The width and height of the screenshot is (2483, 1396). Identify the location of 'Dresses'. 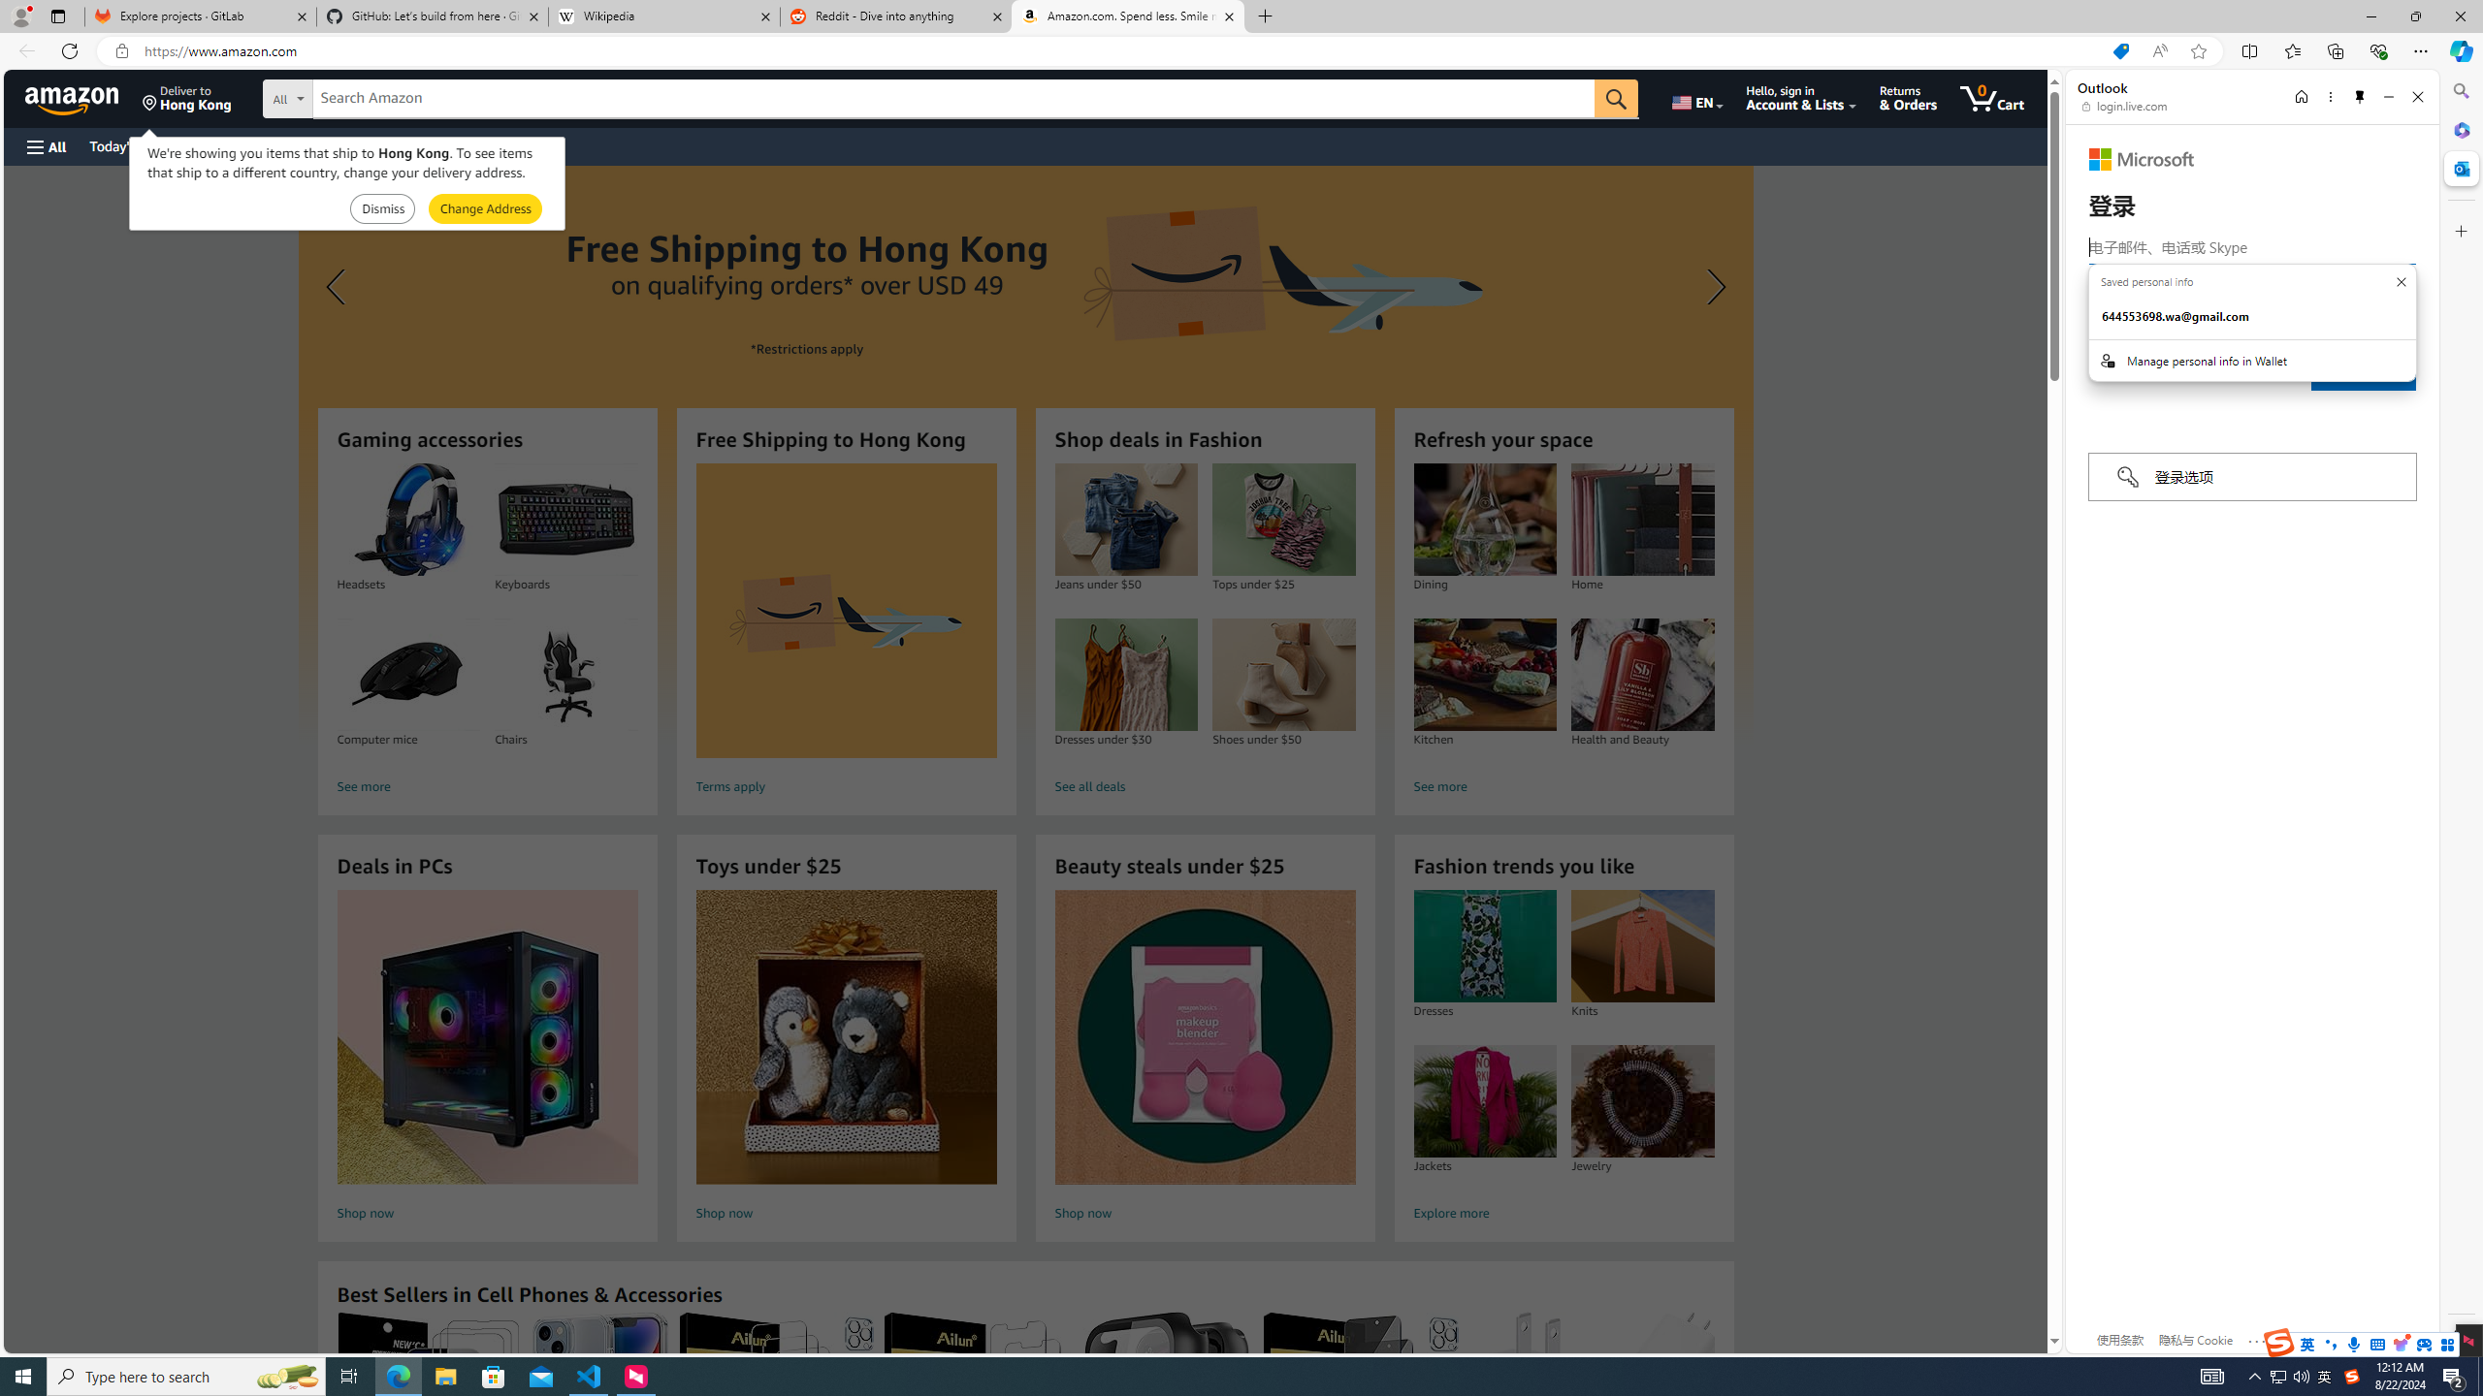
(1483, 946).